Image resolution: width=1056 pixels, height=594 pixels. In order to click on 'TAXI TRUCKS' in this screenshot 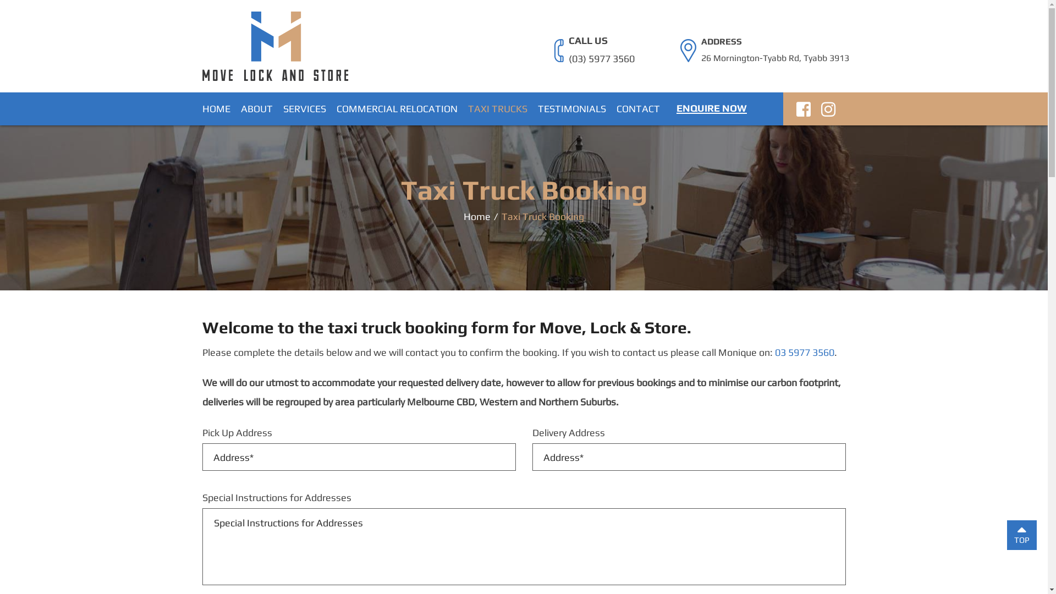, I will do `click(496, 108)`.